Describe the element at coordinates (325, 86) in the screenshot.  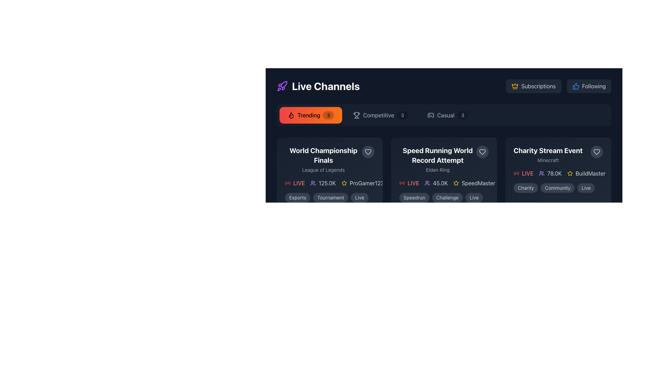
I see `the header text that categorizes the content as 'Live Channels', located just right of a purple rocket icon at the top-left area of the interface` at that location.